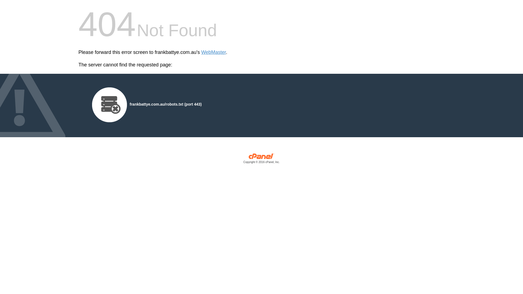 This screenshot has width=523, height=294. Describe the element at coordinates (213, 52) in the screenshot. I see `'WebMaster'` at that location.